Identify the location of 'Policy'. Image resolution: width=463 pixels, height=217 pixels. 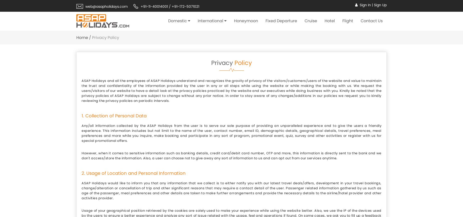
(242, 62).